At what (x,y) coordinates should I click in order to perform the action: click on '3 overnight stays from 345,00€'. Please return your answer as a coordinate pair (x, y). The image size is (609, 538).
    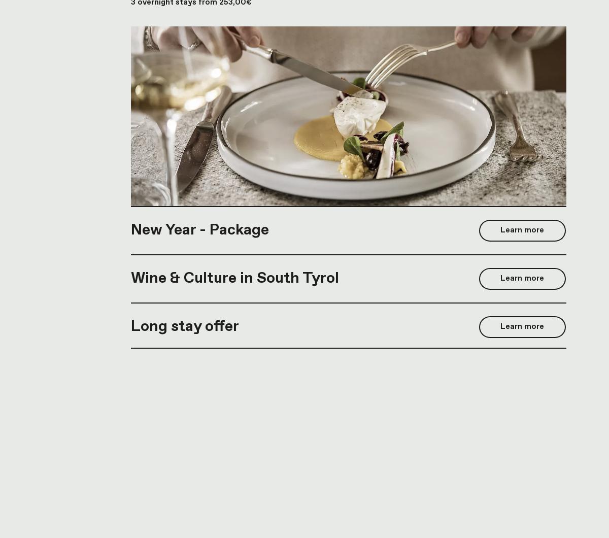
    Looking at the image, I should click on (191, 269).